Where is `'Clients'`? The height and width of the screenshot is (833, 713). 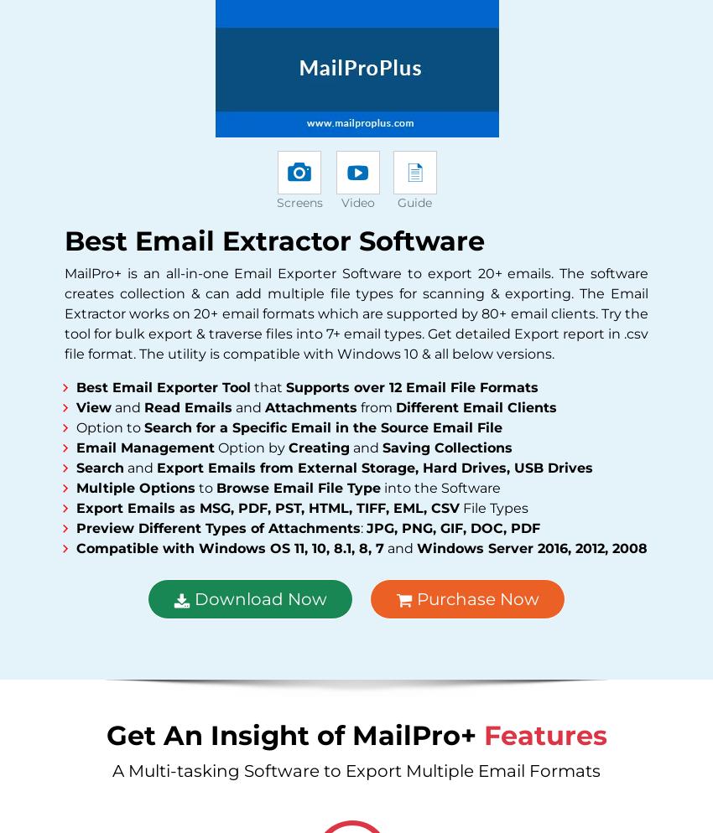 'Clients' is located at coordinates (337, 102).